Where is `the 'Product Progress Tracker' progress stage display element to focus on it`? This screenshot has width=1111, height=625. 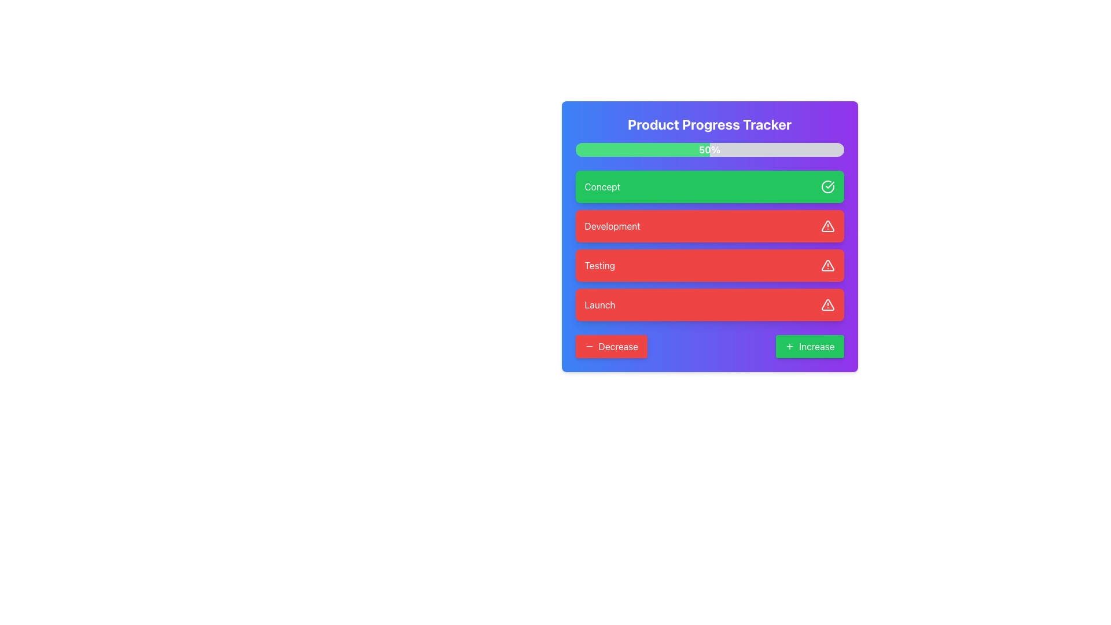 the 'Product Progress Tracker' progress stage display element to focus on it is located at coordinates (709, 236).